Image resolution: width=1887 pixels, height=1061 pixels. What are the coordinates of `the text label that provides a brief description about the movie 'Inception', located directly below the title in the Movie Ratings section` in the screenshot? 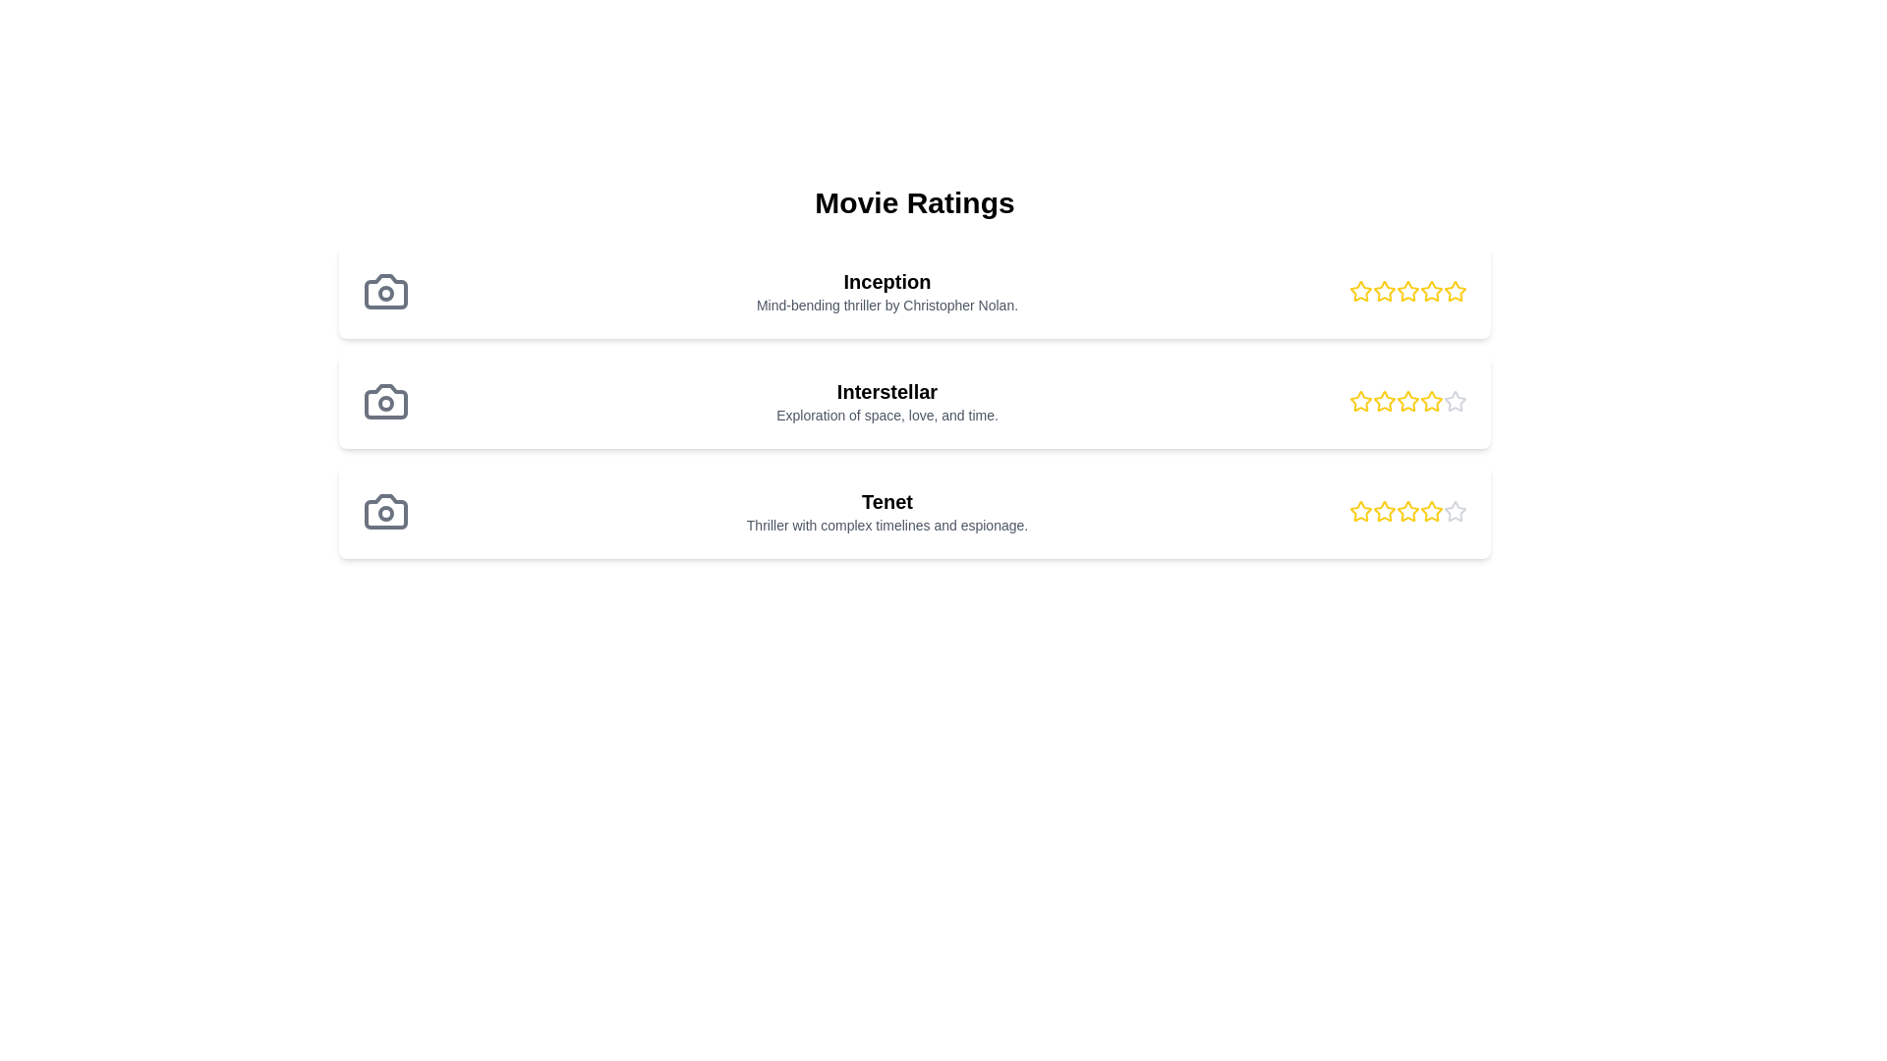 It's located at (886, 306).